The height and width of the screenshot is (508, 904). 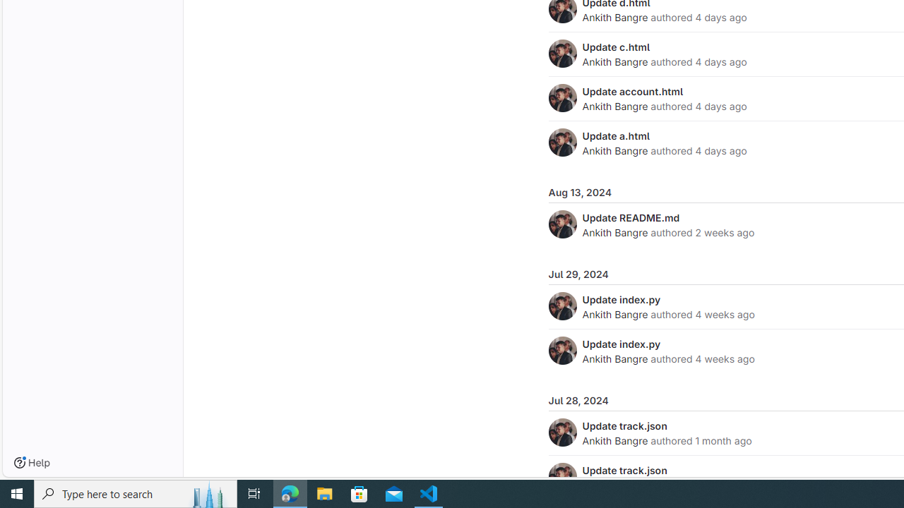 What do you see at coordinates (632, 91) in the screenshot?
I see `'Update account.html'` at bounding box center [632, 91].